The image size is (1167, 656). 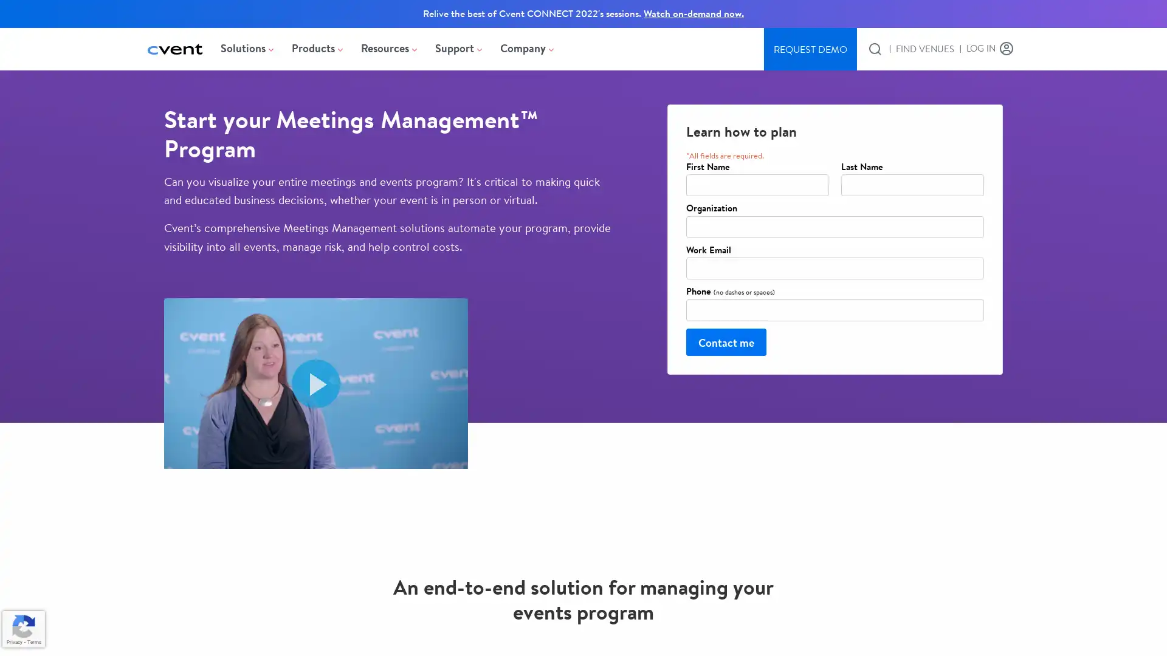 I want to click on Play video Medtronic and Cvent For Strategic Meetings Management. Opens in a modal, so click(x=315, y=383).